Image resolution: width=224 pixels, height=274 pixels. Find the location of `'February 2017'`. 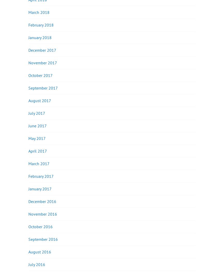

'February 2017' is located at coordinates (28, 176).